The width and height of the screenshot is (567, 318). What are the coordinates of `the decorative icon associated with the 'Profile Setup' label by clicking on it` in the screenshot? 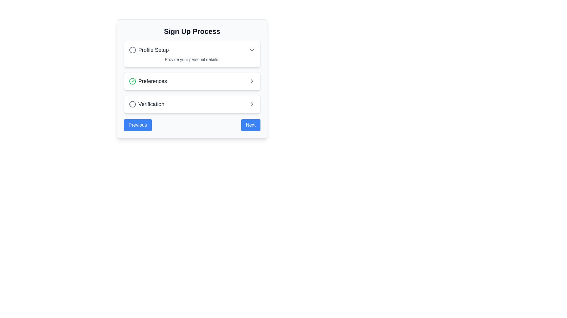 It's located at (132, 49).